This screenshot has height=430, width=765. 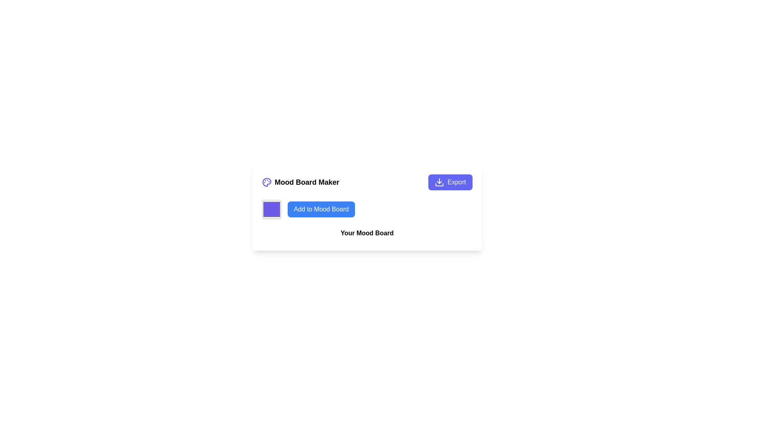 What do you see at coordinates (321, 209) in the screenshot?
I see `the 'Add to Mood Board' button, which is centrally placed in the bottom-right quadrant of the interface` at bounding box center [321, 209].